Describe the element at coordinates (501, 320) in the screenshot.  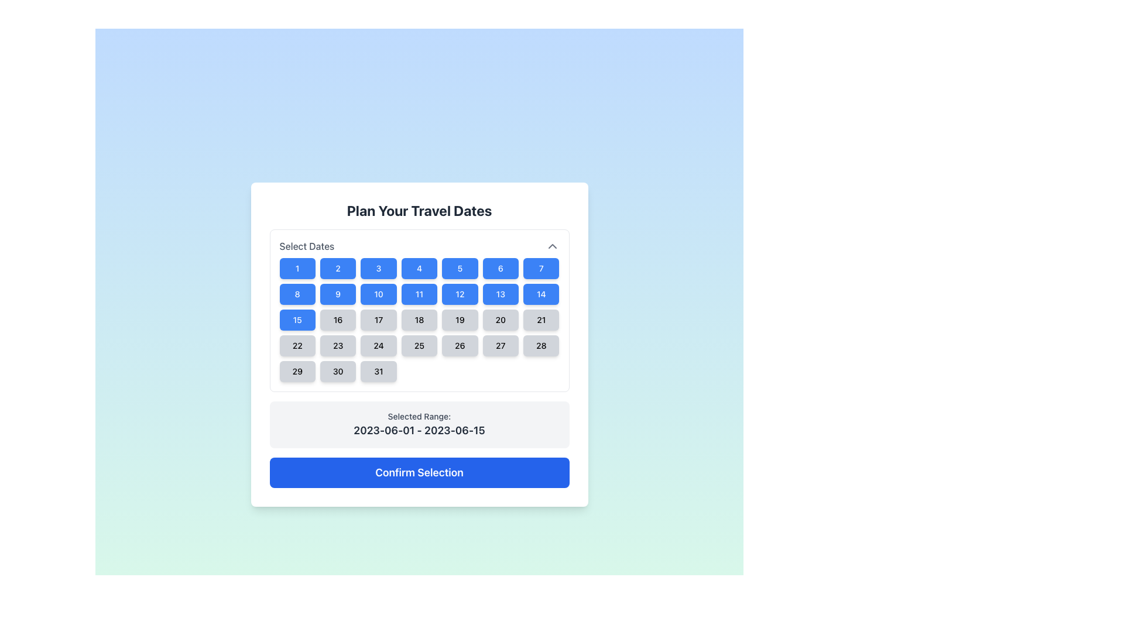
I see `the date selection button for '20' in the calendar under the 'Select Dates' section` at that location.